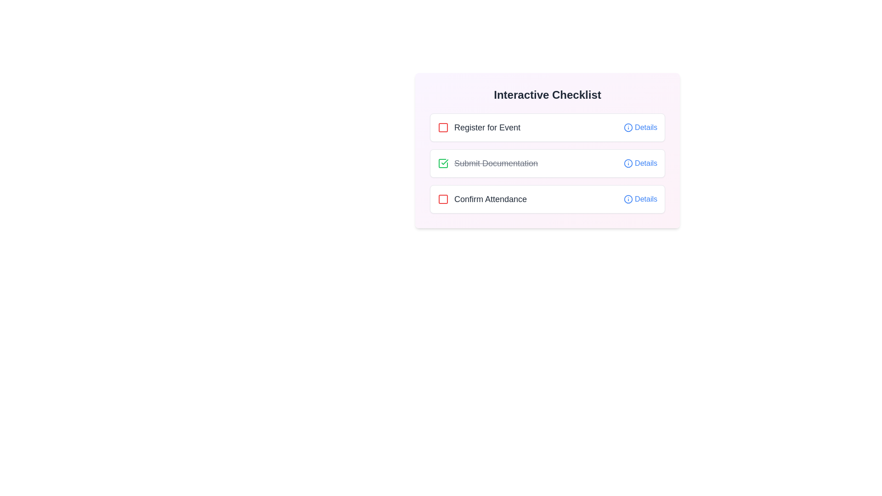 Image resolution: width=882 pixels, height=496 pixels. What do you see at coordinates (640, 127) in the screenshot?
I see `the 'Details' hyperlink with an icon, which is styled in blue and features an 'i' icon` at bounding box center [640, 127].